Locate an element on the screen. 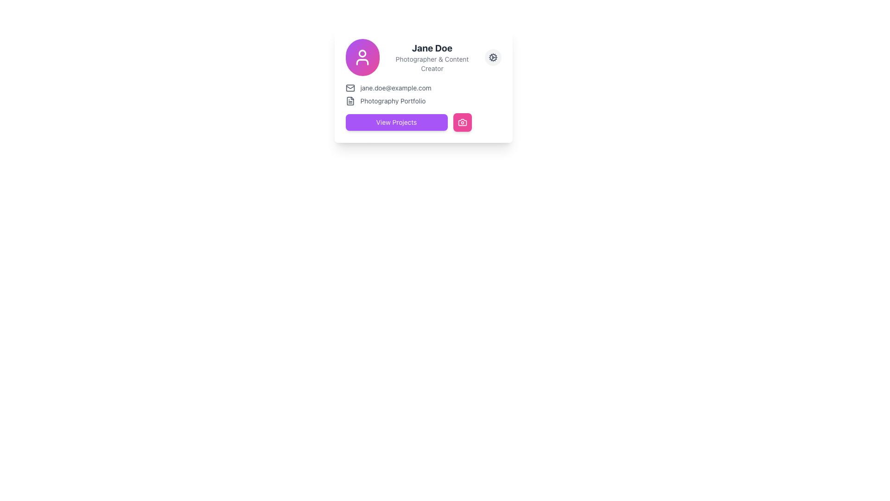  text displayed at the top-center section of the profile information card, which identifies the person associated with the profile is located at coordinates (432, 48).